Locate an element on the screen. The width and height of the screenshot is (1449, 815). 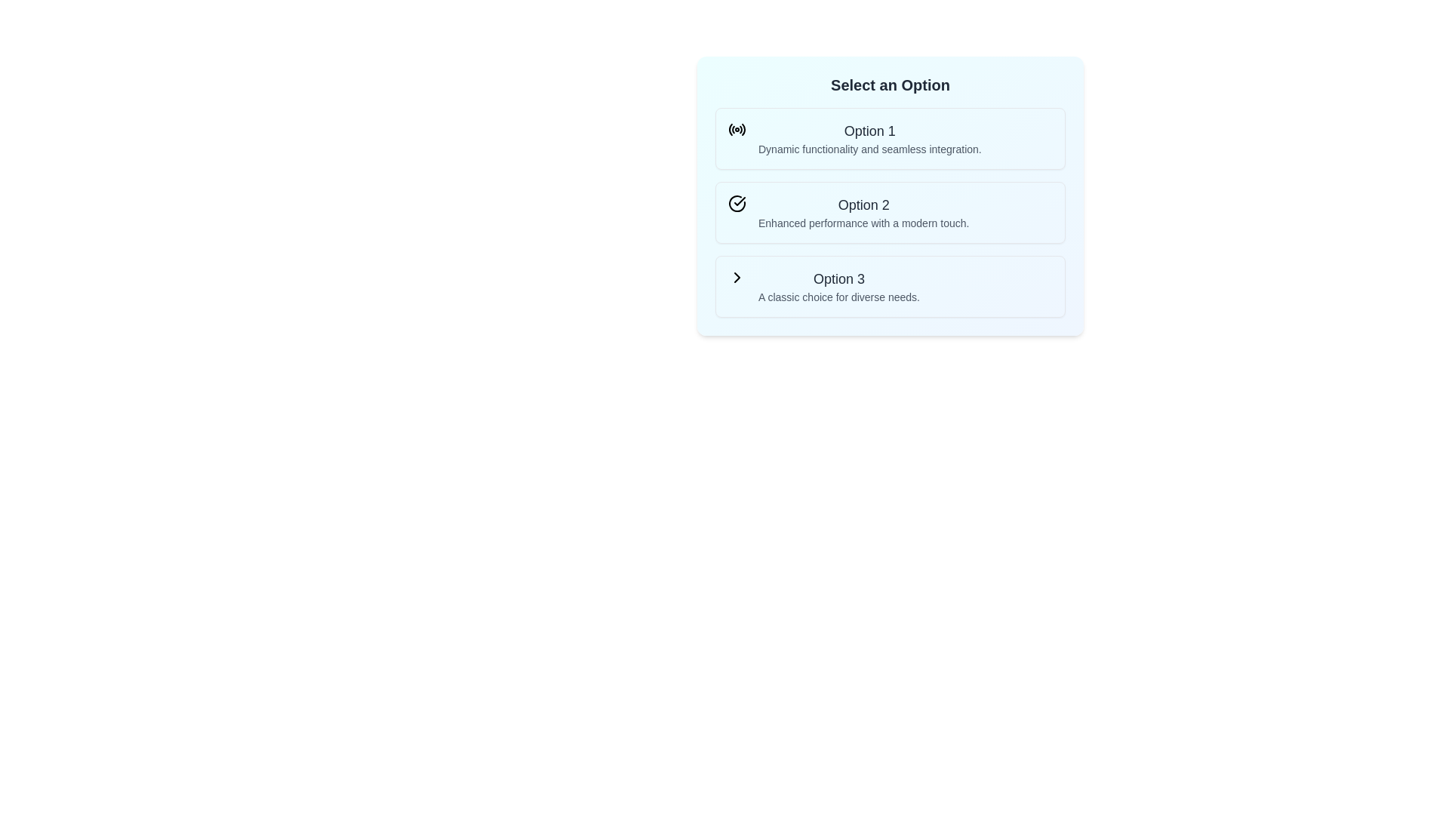
the circular icon with a checkmark, located to the left of the 'Option 2' label in the selection list is located at coordinates (737, 204).